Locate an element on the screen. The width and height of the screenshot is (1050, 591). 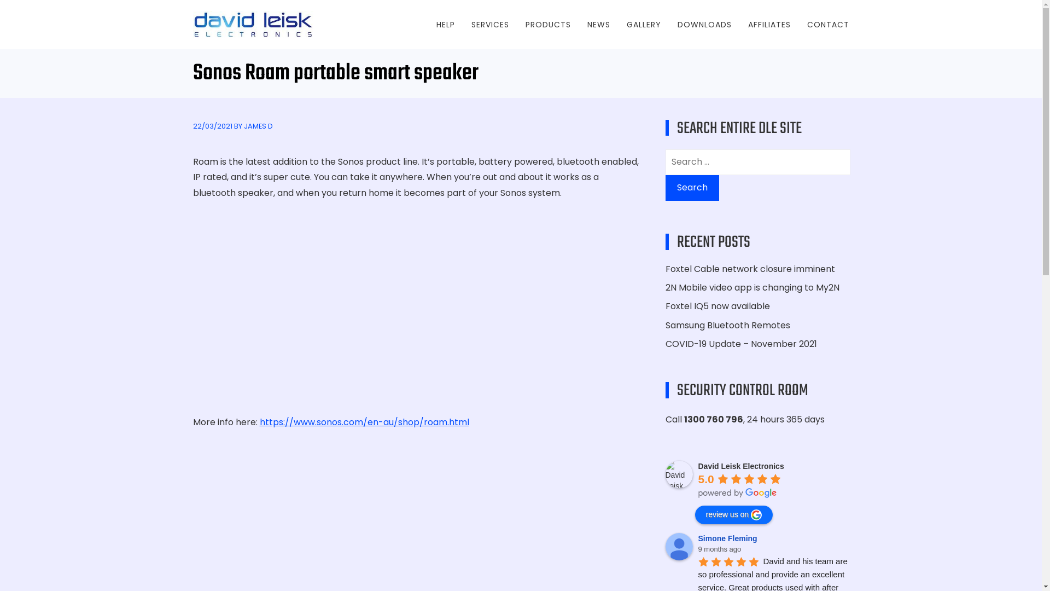
'SERVICES' is located at coordinates (489, 25).